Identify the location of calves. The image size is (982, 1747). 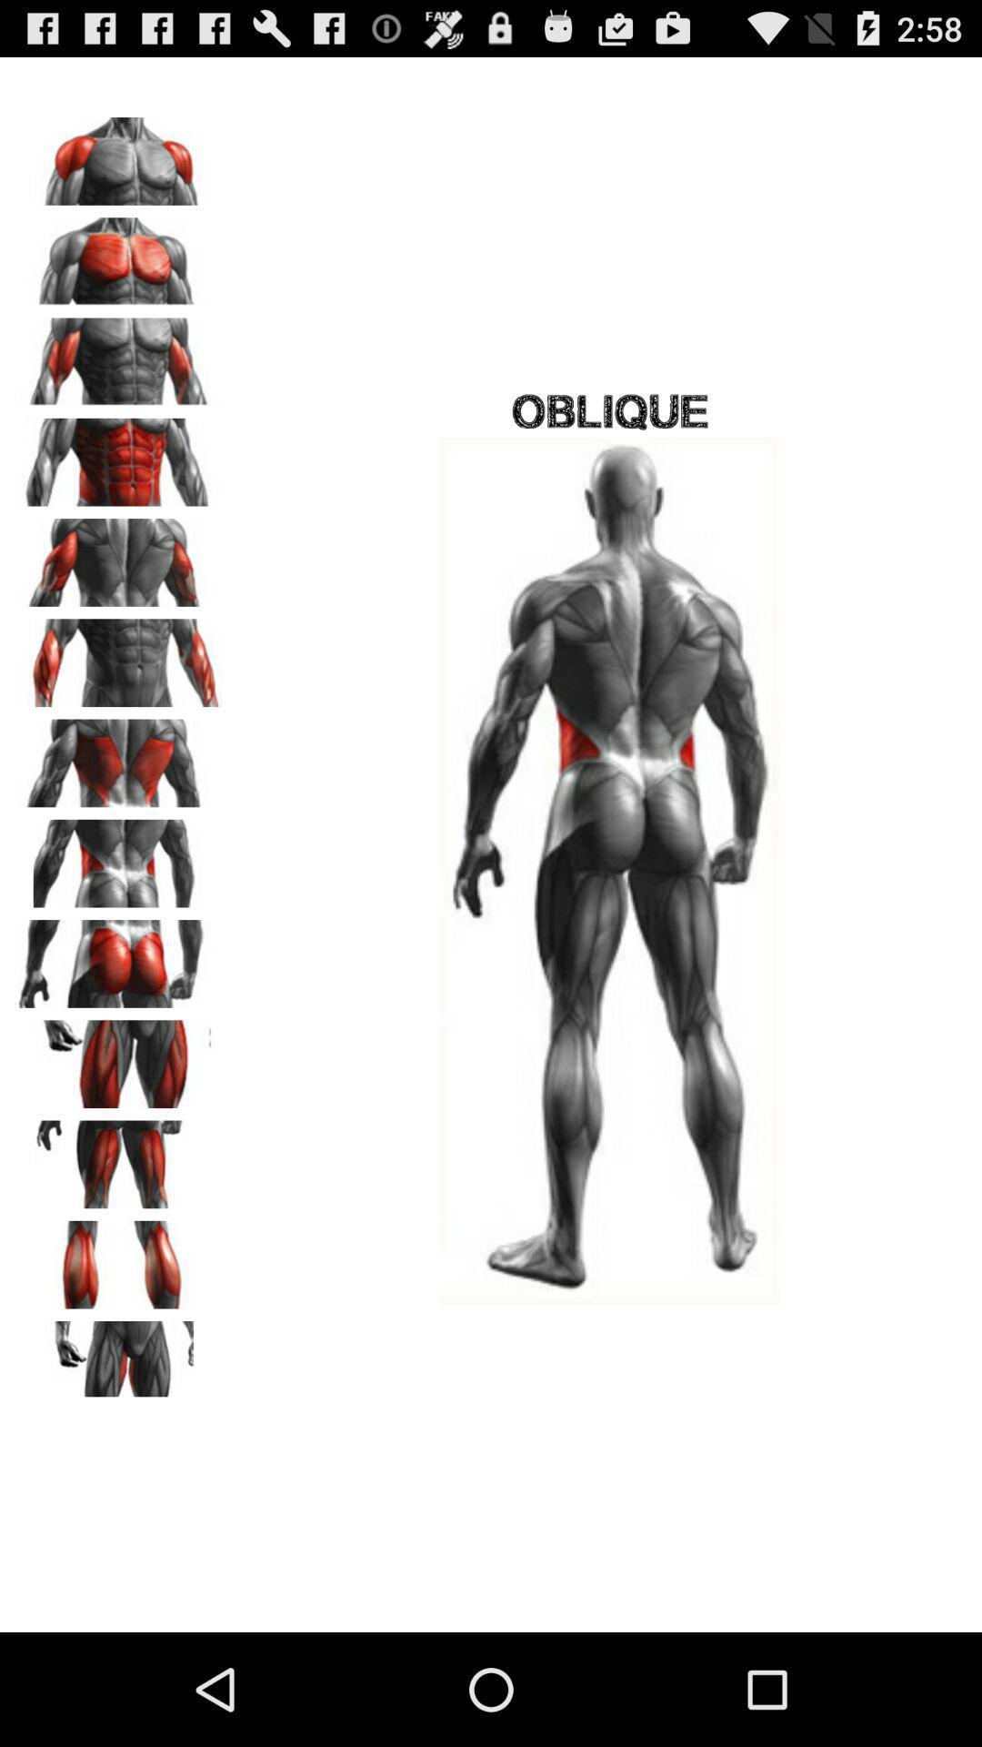
(119, 1257).